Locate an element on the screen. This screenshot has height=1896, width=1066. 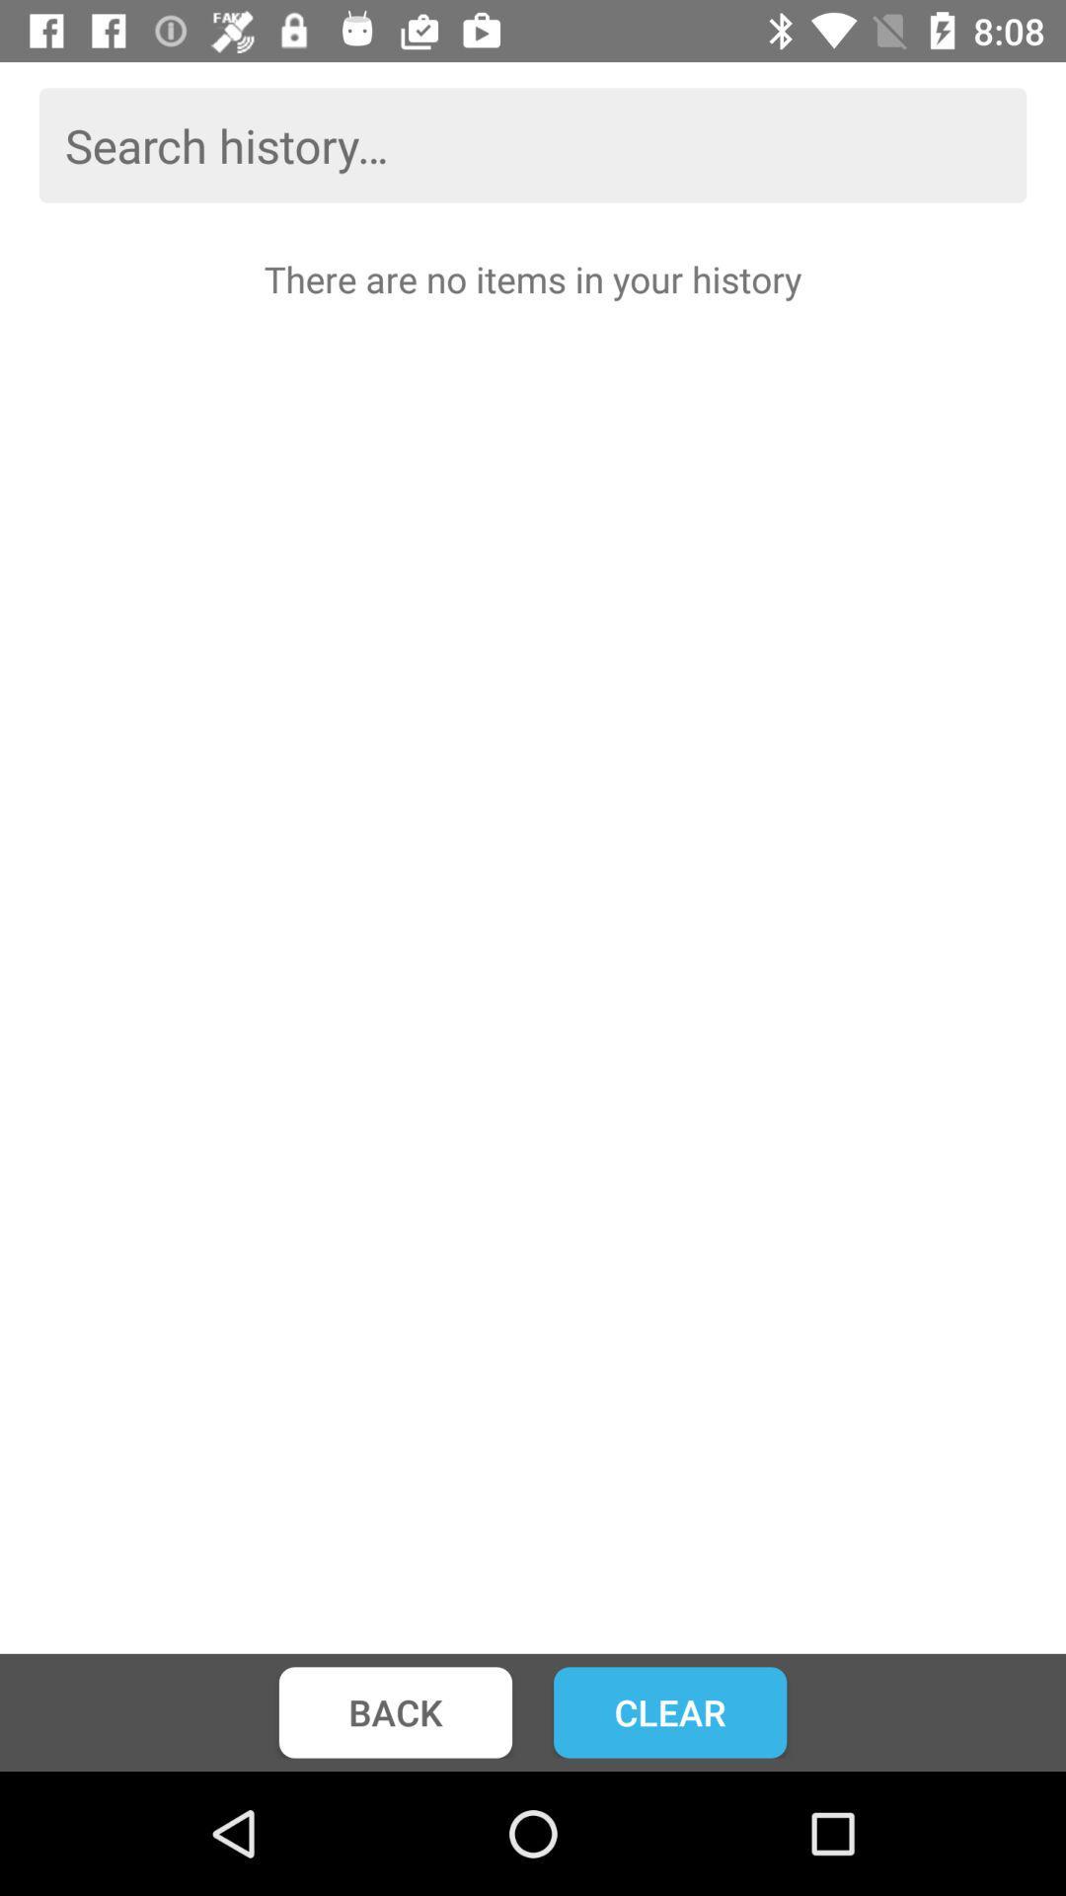
search history is located at coordinates (533, 144).